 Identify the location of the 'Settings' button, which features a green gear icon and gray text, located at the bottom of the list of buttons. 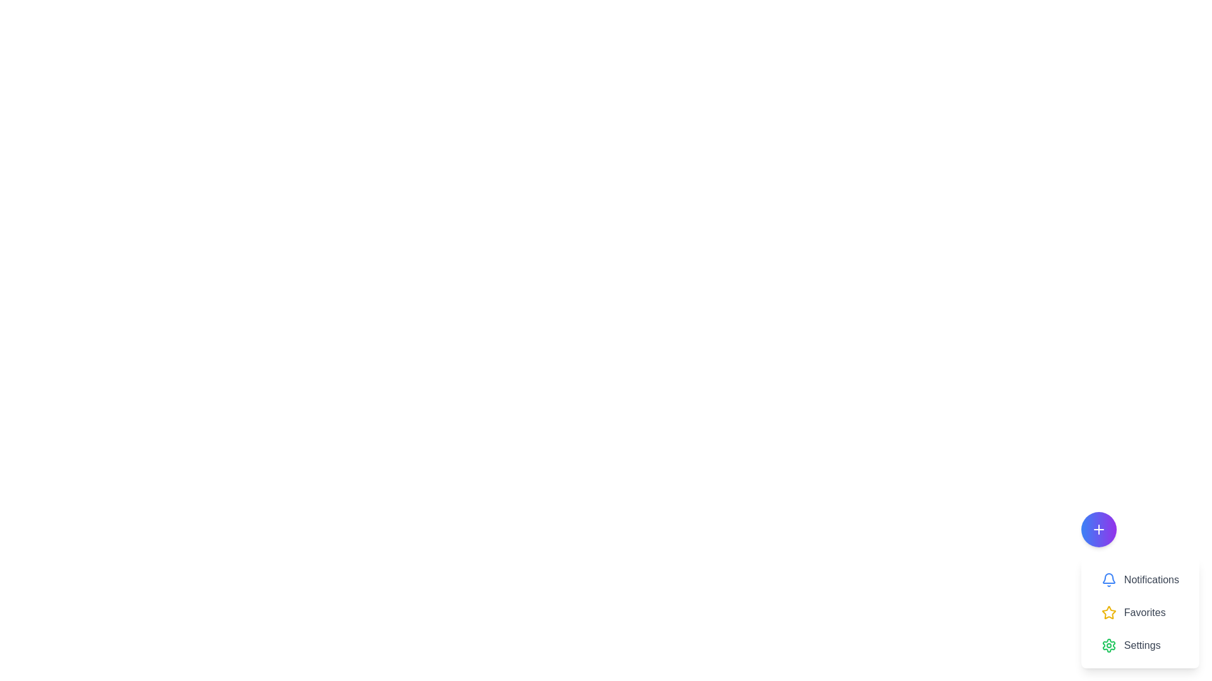
(1140, 645).